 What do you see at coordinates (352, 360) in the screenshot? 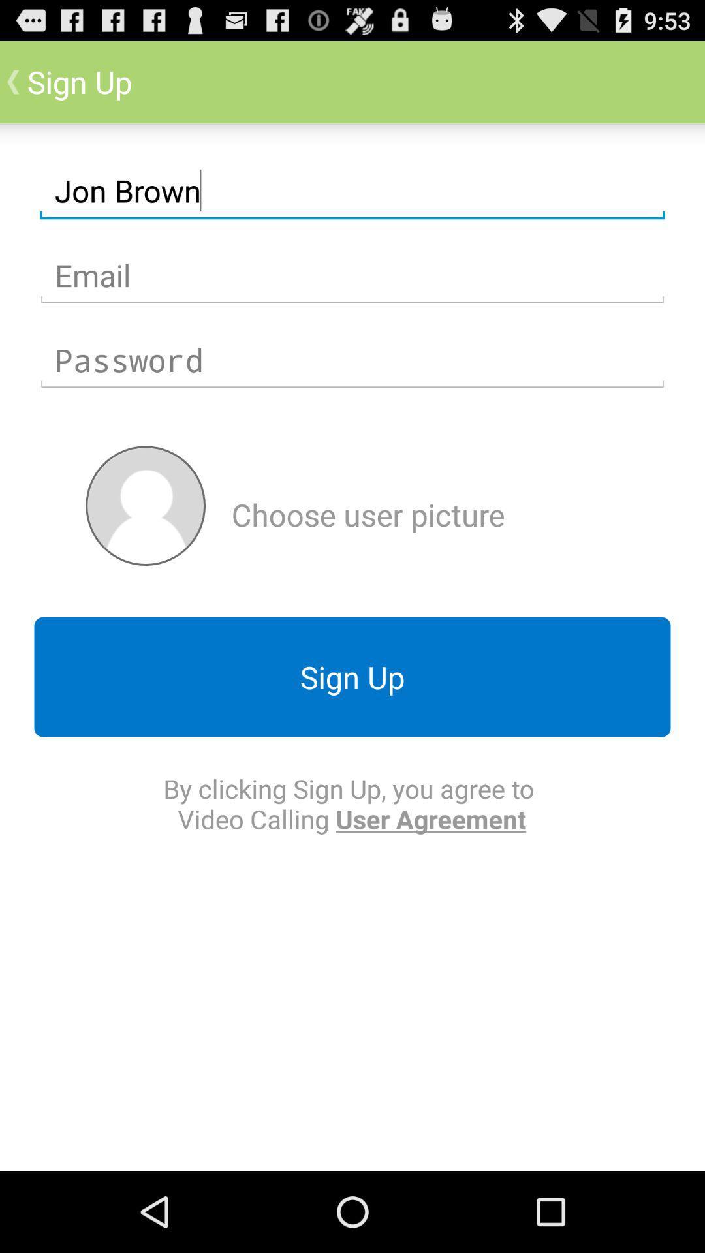
I see `password entry field` at bounding box center [352, 360].